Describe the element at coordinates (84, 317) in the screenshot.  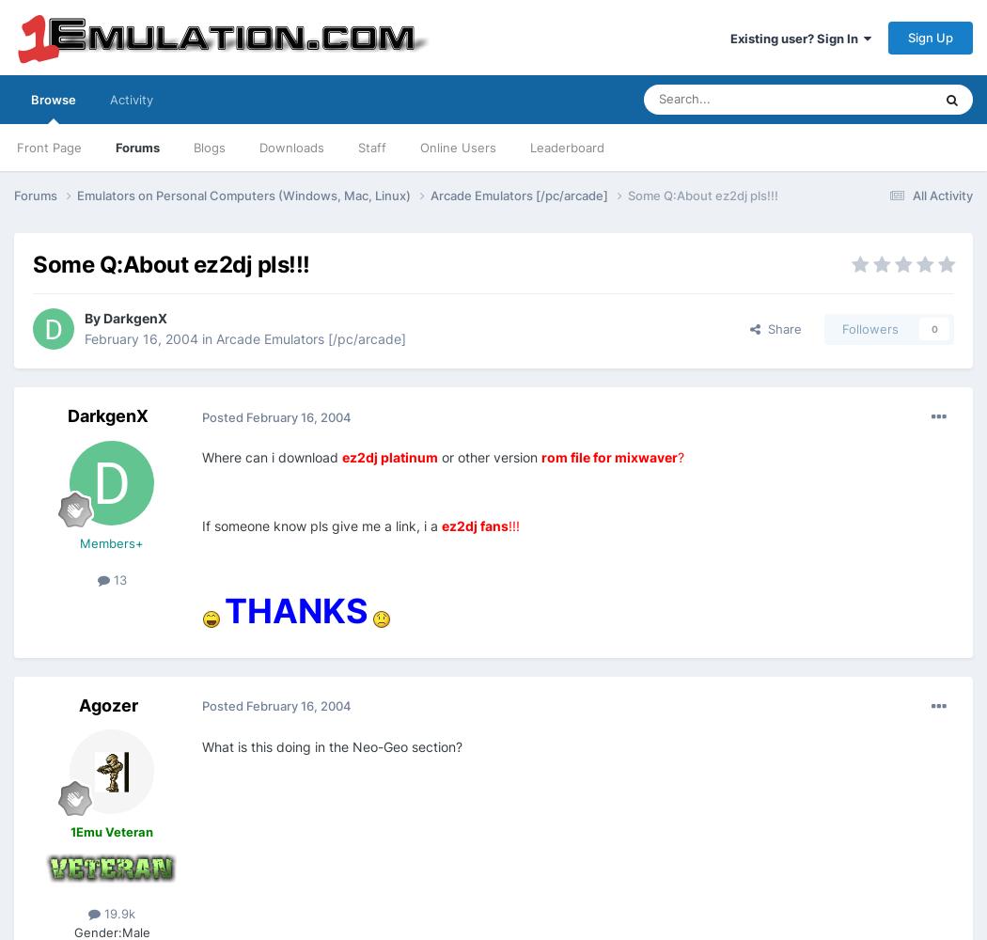
I see `'By'` at that location.